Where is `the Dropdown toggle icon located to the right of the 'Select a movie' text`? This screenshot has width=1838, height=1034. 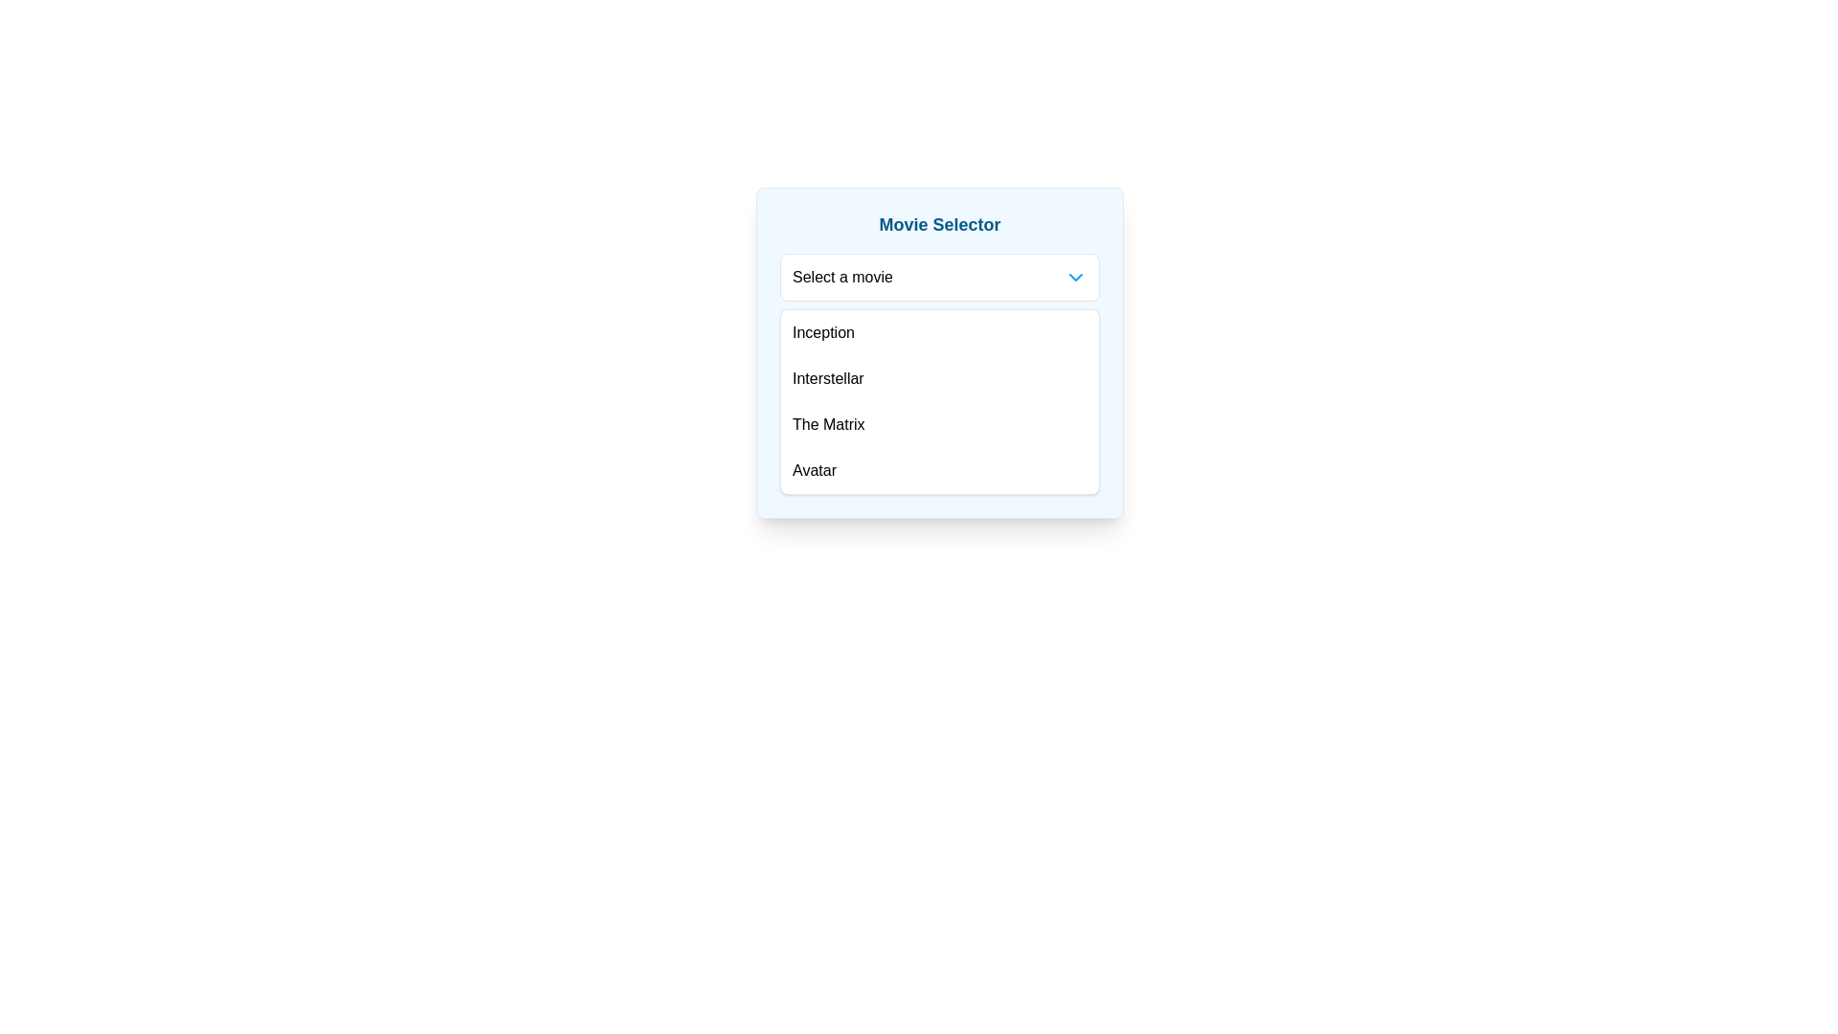
the Dropdown toggle icon located to the right of the 'Select a movie' text is located at coordinates (1075, 277).